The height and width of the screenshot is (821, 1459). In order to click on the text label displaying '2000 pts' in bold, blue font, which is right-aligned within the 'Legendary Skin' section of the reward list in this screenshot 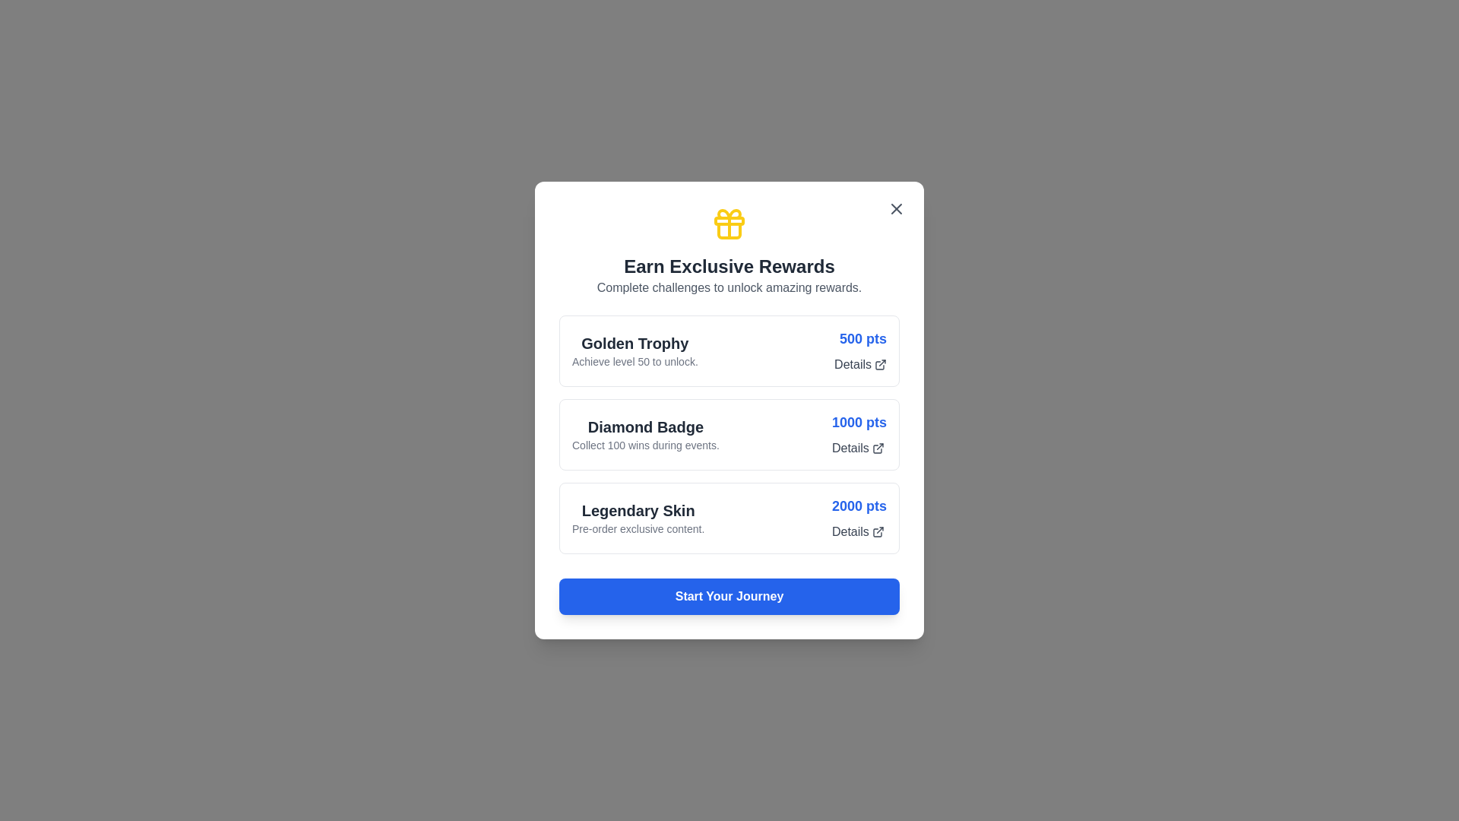, I will do `click(859, 506)`.